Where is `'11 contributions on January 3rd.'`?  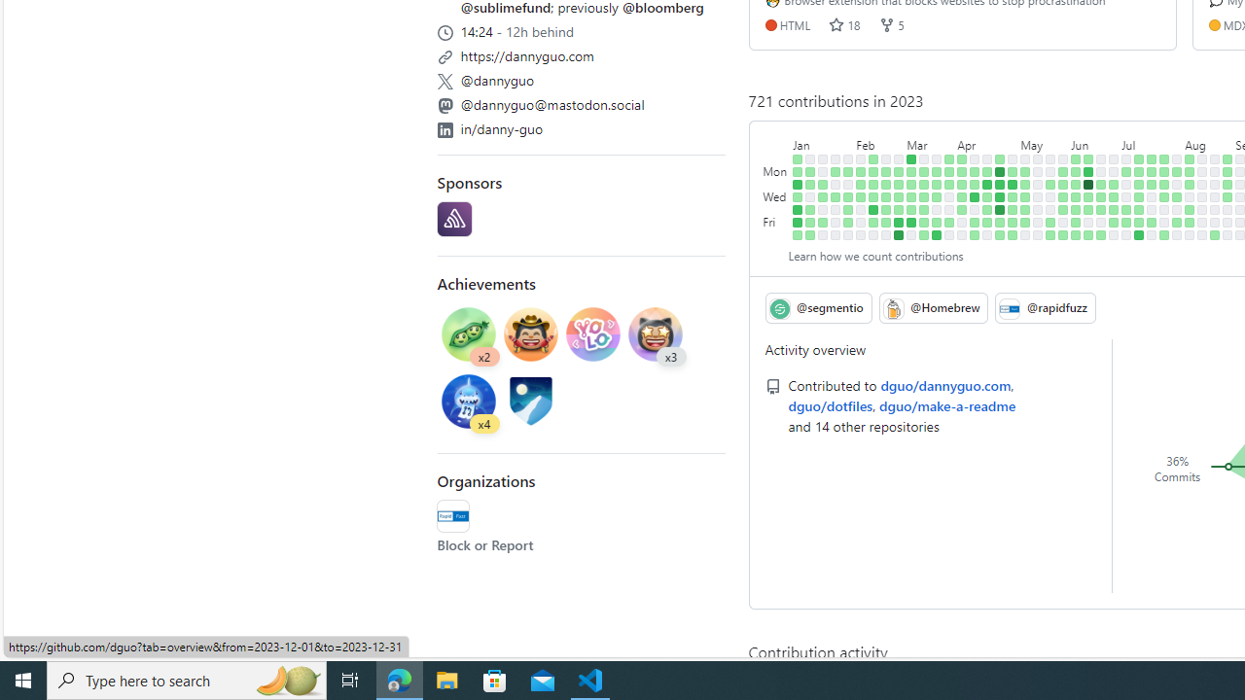
'11 contributions on January 3rd.' is located at coordinates (798, 184).